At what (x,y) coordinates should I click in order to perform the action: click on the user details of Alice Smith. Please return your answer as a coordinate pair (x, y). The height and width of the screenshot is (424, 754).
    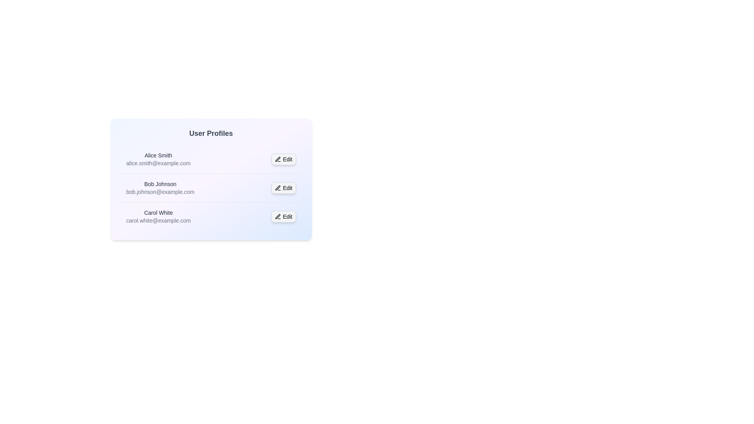
    Looking at the image, I should click on (158, 155).